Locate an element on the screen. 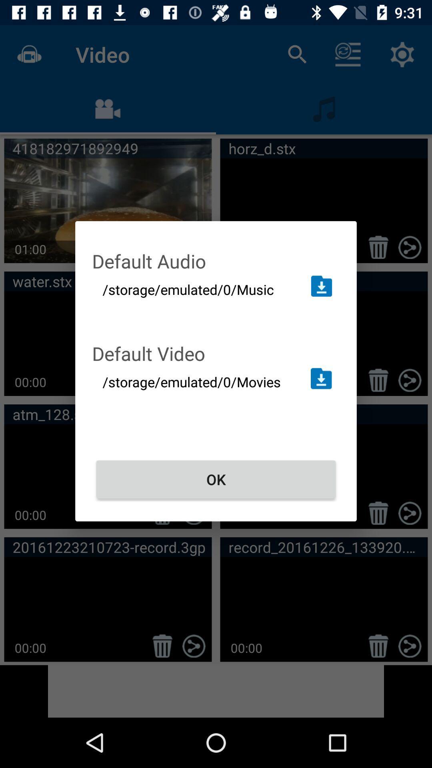  download in device is located at coordinates (321, 286).